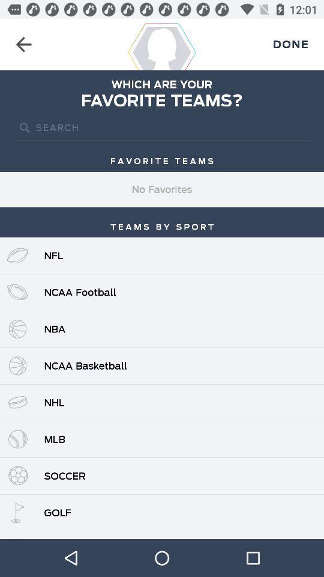 The image size is (324, 577). What do you see at coordinates (23, 44) in the screenshot?
I see `go back` at bounding box center [23, 44].